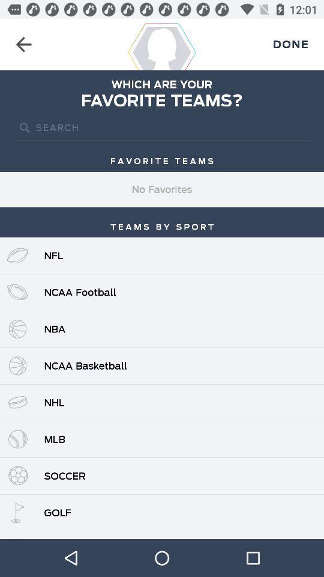 The image size is (324, 577). What do you see at coordinates (23, 44) in the screenshot?
I see `go back` at bounding box center [23, 44].